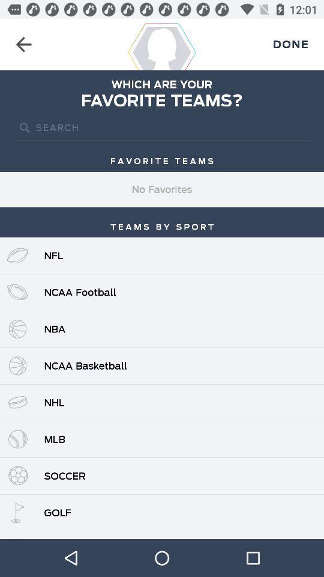 The image size is (324, 577). What do you see at coordinates (23, 44) in the screenshot?
I see `go back` at bounding box center [23, 44].